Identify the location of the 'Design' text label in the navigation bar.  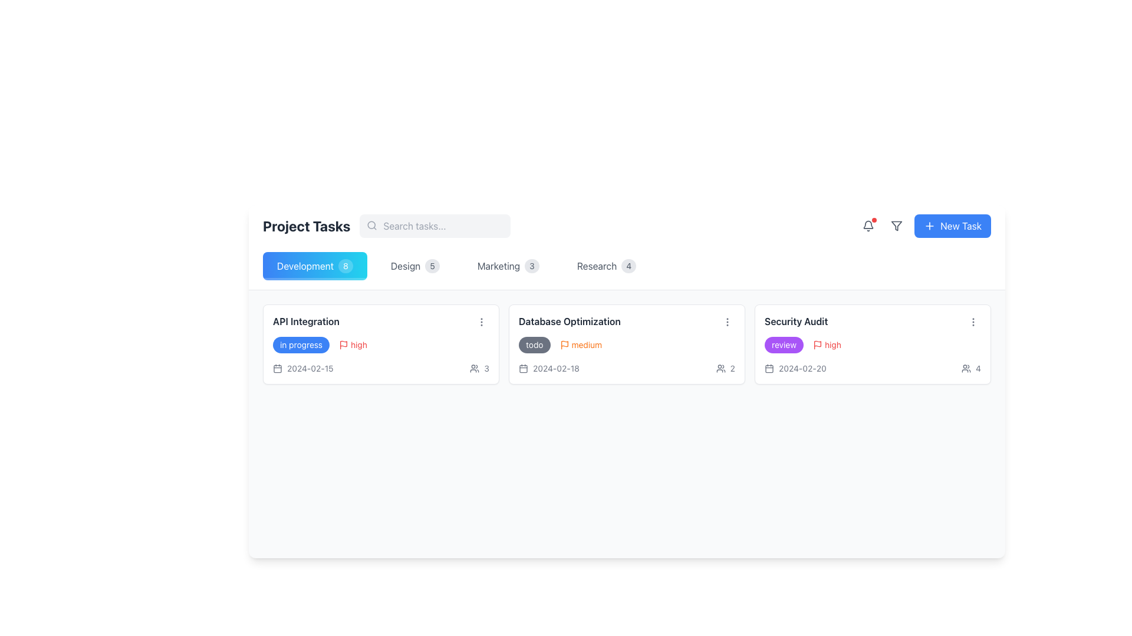
(405, 266).